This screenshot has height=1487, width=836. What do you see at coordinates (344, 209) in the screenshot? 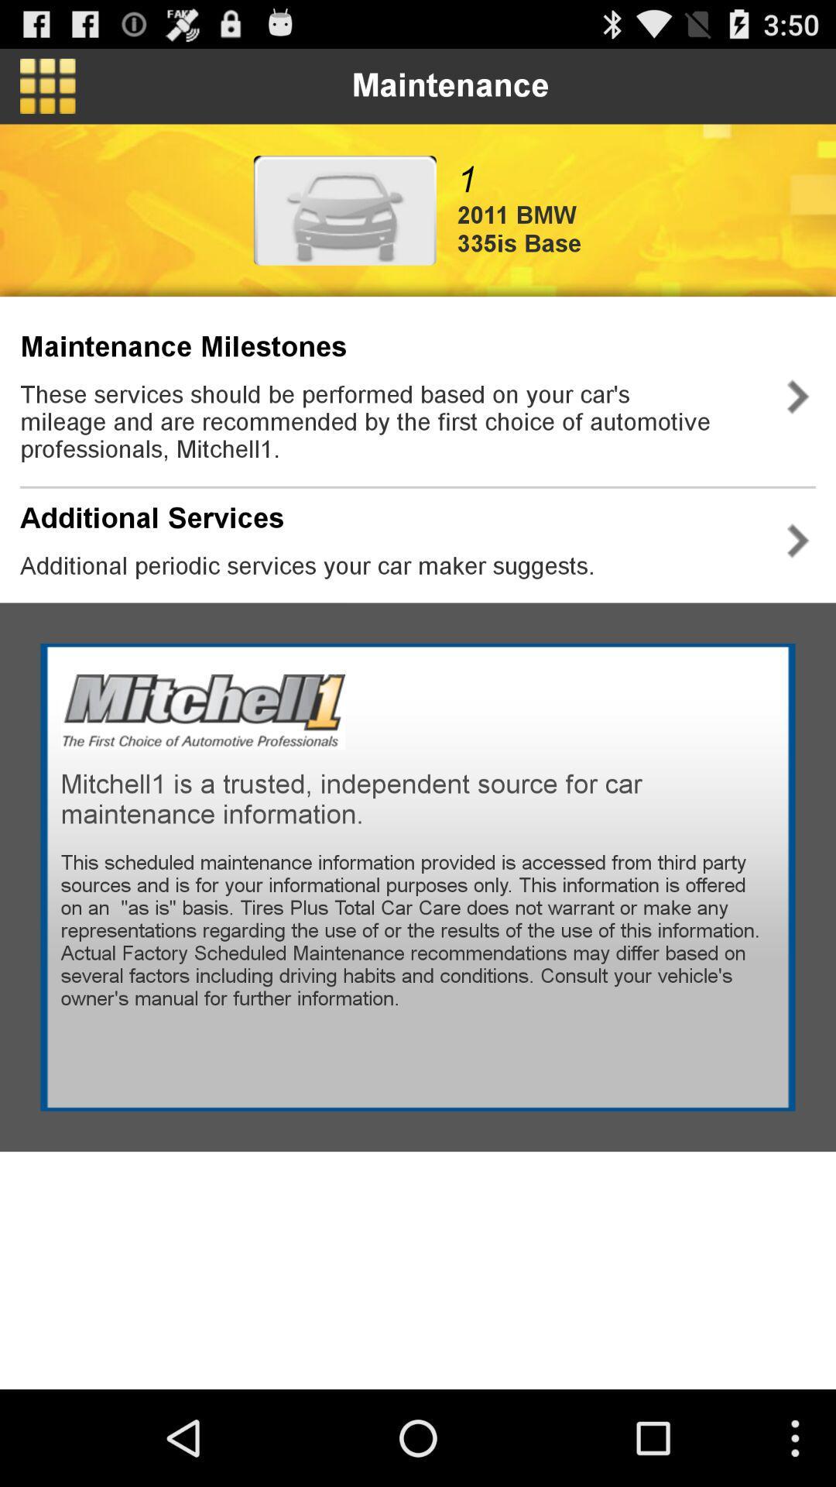
I see `advertisement` at bounding box center [344, 209].